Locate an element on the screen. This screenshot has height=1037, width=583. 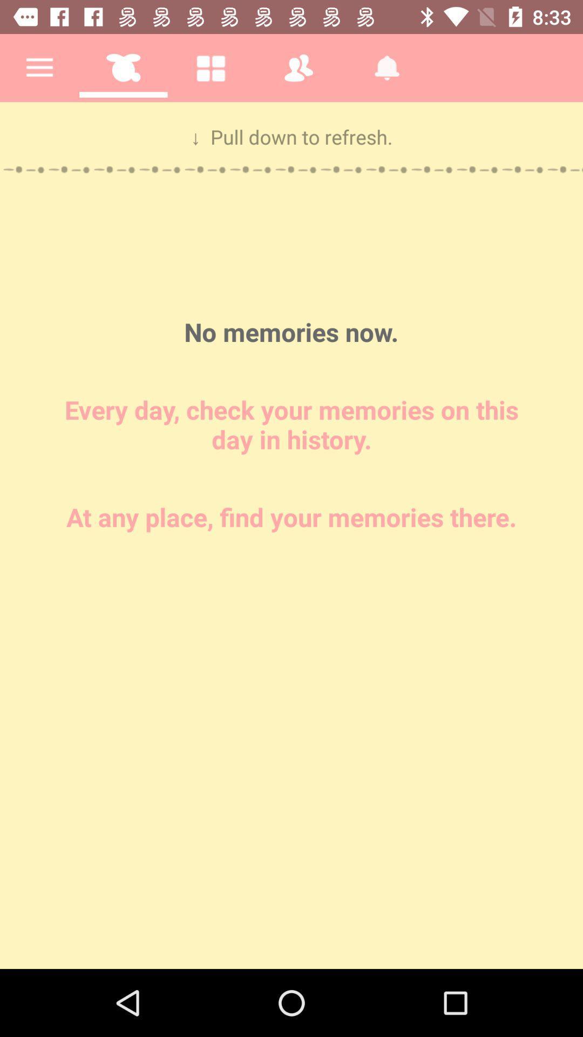
the fifth icon on the top row is located at coordinates (387, 67).